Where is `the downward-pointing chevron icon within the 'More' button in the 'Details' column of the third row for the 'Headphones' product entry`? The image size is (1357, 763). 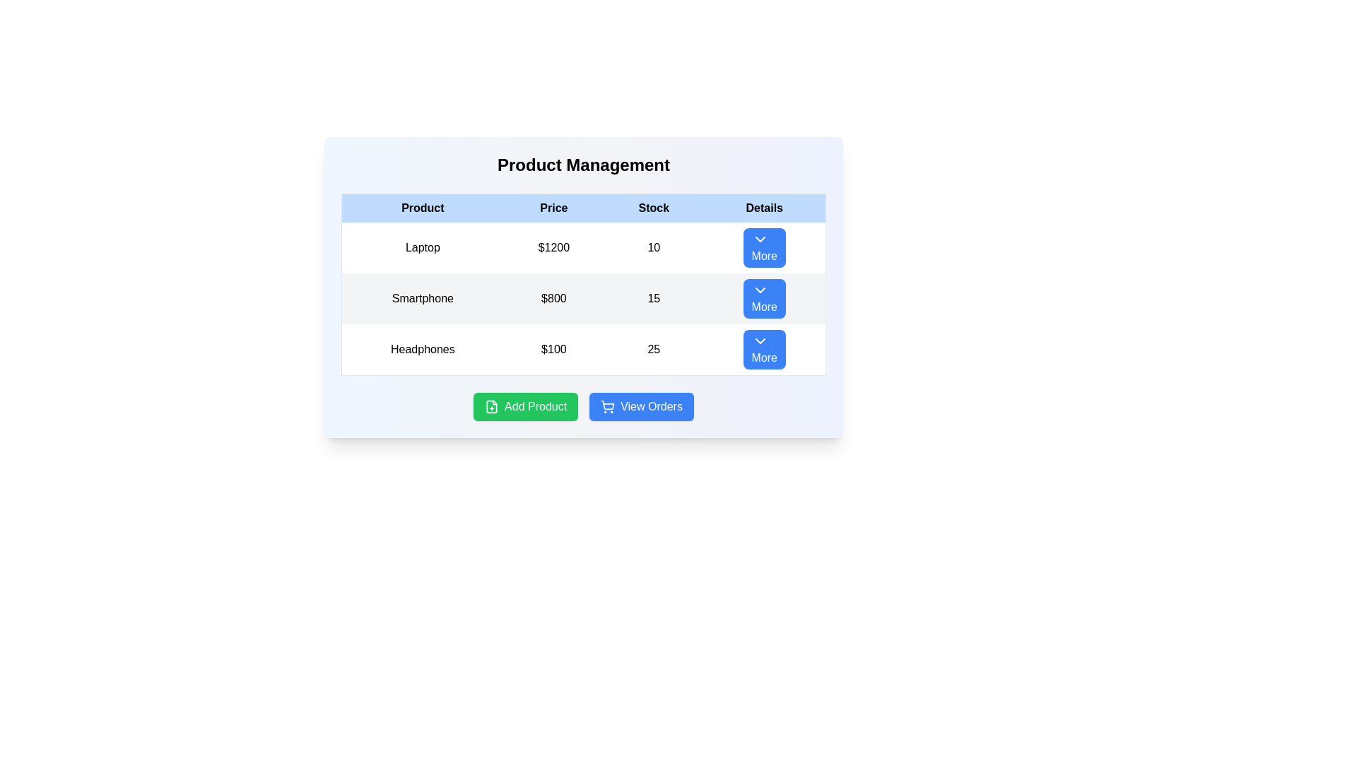 the downward-pointing chevron icon within the 'More' button in the 'Details' column of the third row for the 'Headphones' product entry is located at coordinates (759, 341).